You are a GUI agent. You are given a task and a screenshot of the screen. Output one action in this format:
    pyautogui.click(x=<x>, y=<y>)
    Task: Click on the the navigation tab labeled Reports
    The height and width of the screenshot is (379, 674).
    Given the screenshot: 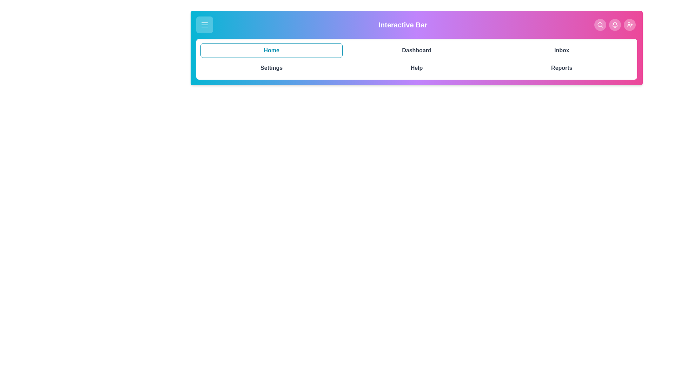 What is the action you would take?
    pyautogui.click(x=562, y=68)
    